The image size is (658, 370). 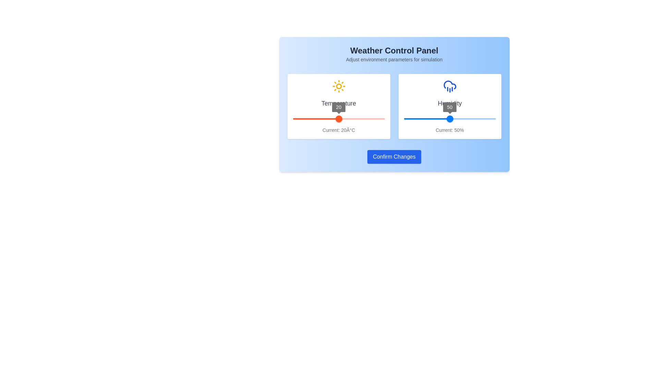 What do you see at coordinates (339, 107) in the screenshot?
I see `the small gray circular Tooltip-like value label displaying the number '20', which is positioned above the Temperature slider in the Weather Control Panel` at bounding box center [339, 107].